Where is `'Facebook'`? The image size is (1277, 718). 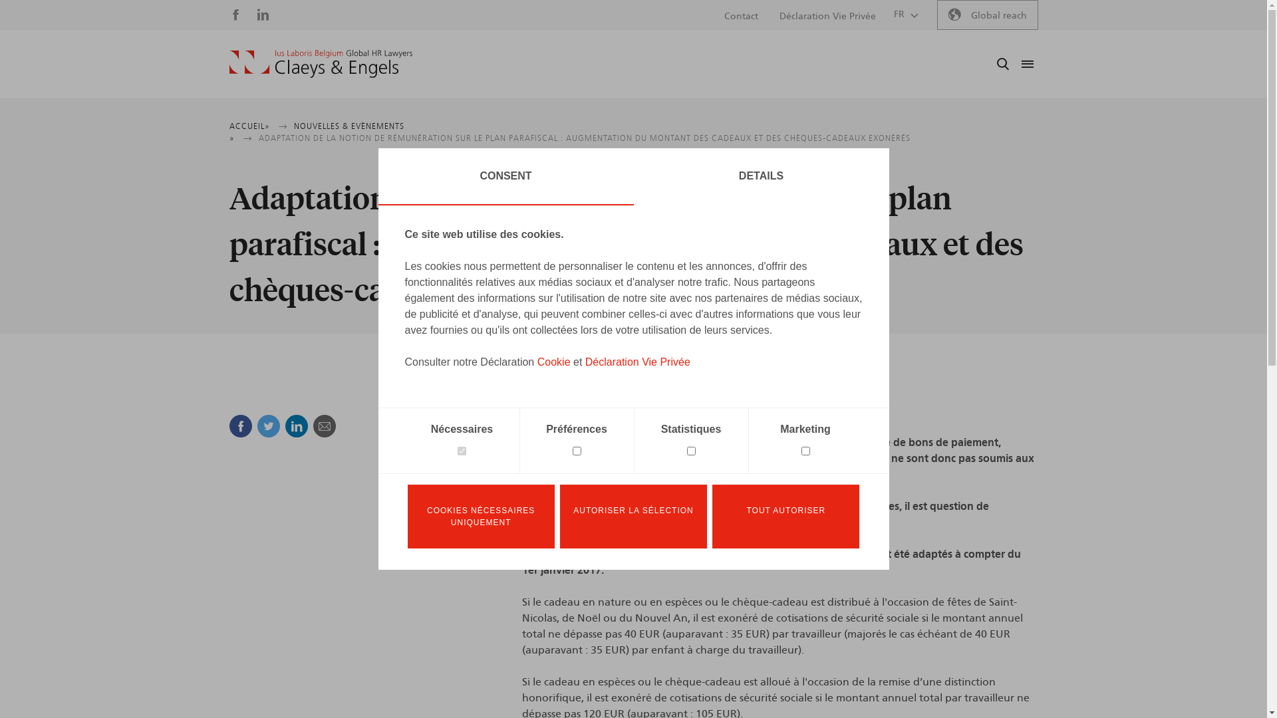 'Facebook' is located at coordinates (239, 425).